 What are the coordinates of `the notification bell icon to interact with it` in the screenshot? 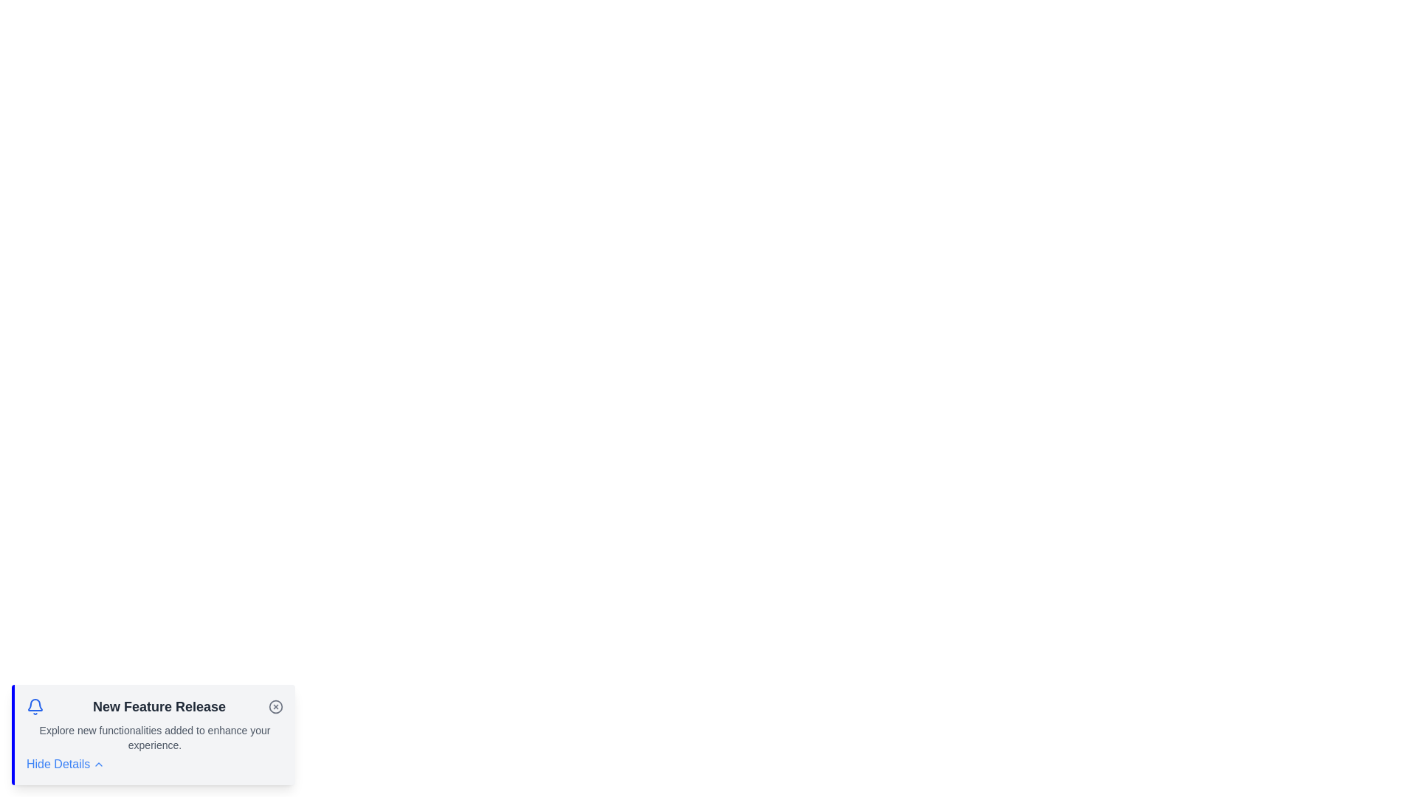 It's located at (35, 705).